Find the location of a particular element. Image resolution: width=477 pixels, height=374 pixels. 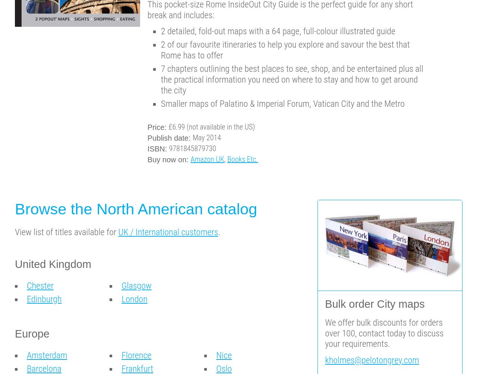

'Publish date' is located at coordinates (167, 138).